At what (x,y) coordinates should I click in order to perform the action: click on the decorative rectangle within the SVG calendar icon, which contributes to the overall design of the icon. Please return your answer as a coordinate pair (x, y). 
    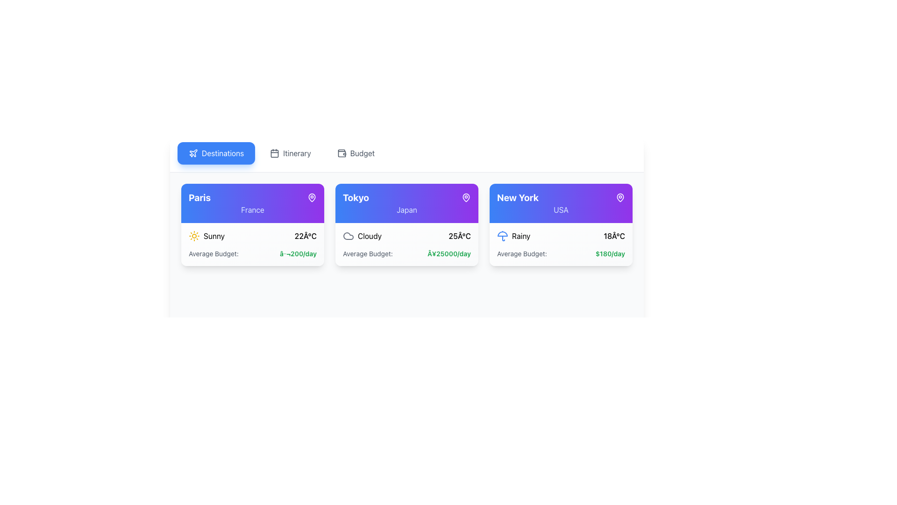
    Looking at the image, I should click on (274, 153).